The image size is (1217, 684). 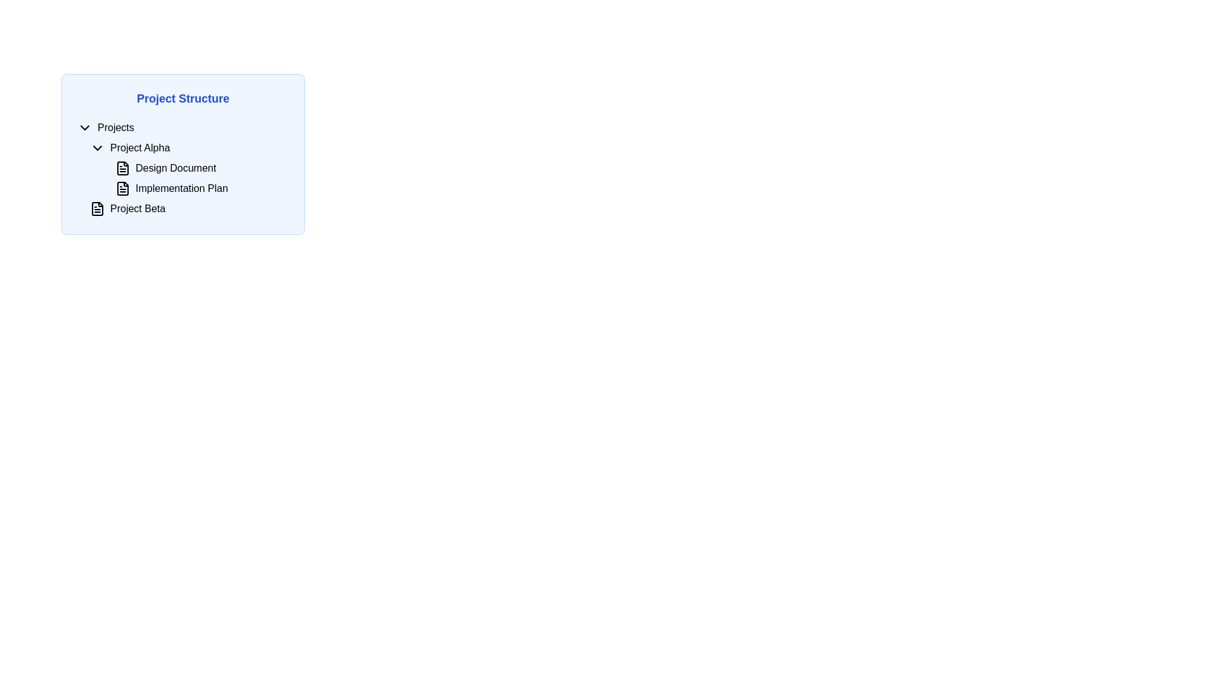 I want to click on the 'Projects' Collapsible Header Item to navigate within the project structure, so click(x=182, y=127).